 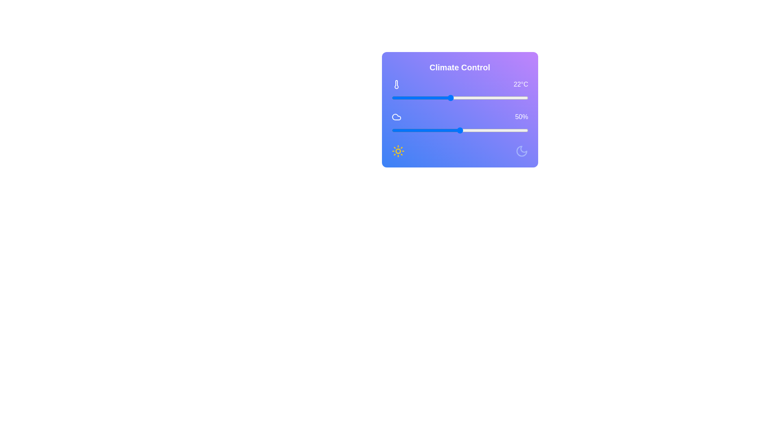 I want to click on the thermometer icon that visually represents temperature, located at the top-left corner of the climate control panel, aligned with the '22°C' text, so click(x=396, y=85).